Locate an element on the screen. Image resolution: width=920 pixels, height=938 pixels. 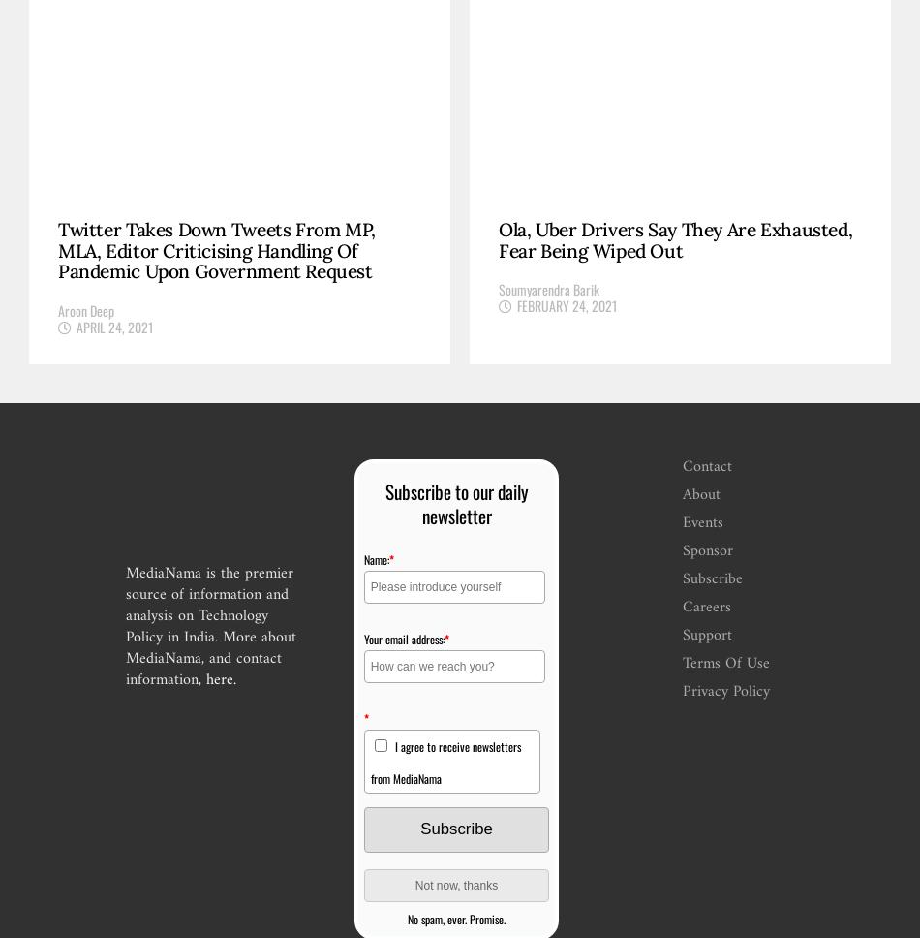
'About' is located at coordinates (700, 494).